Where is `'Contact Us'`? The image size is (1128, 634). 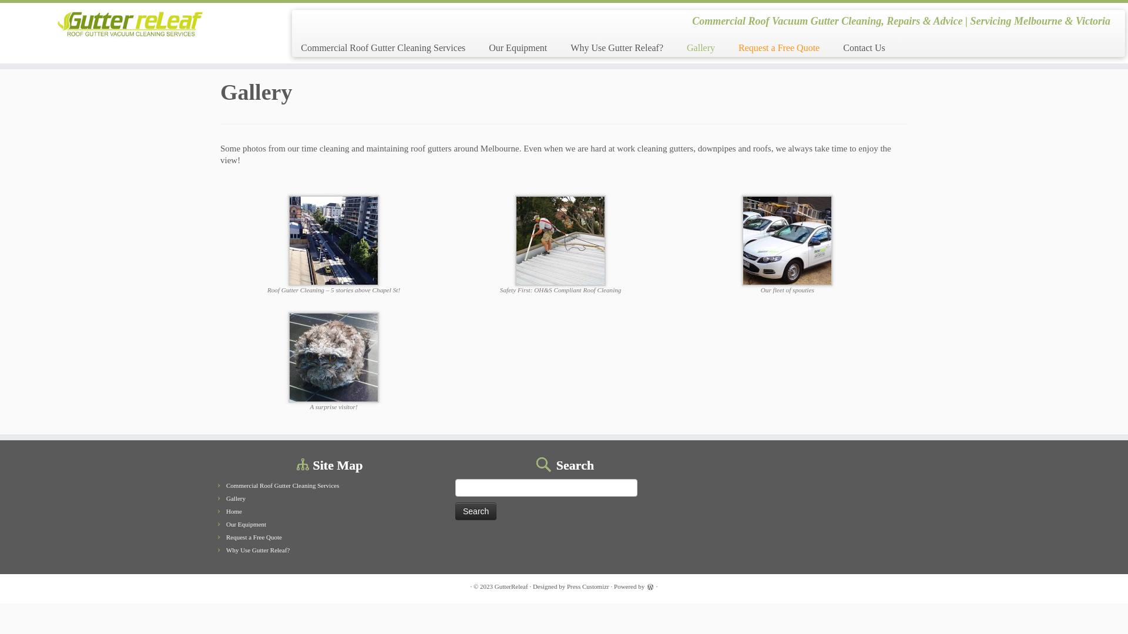
'Contact Us' is located at coordinates (858, 47).